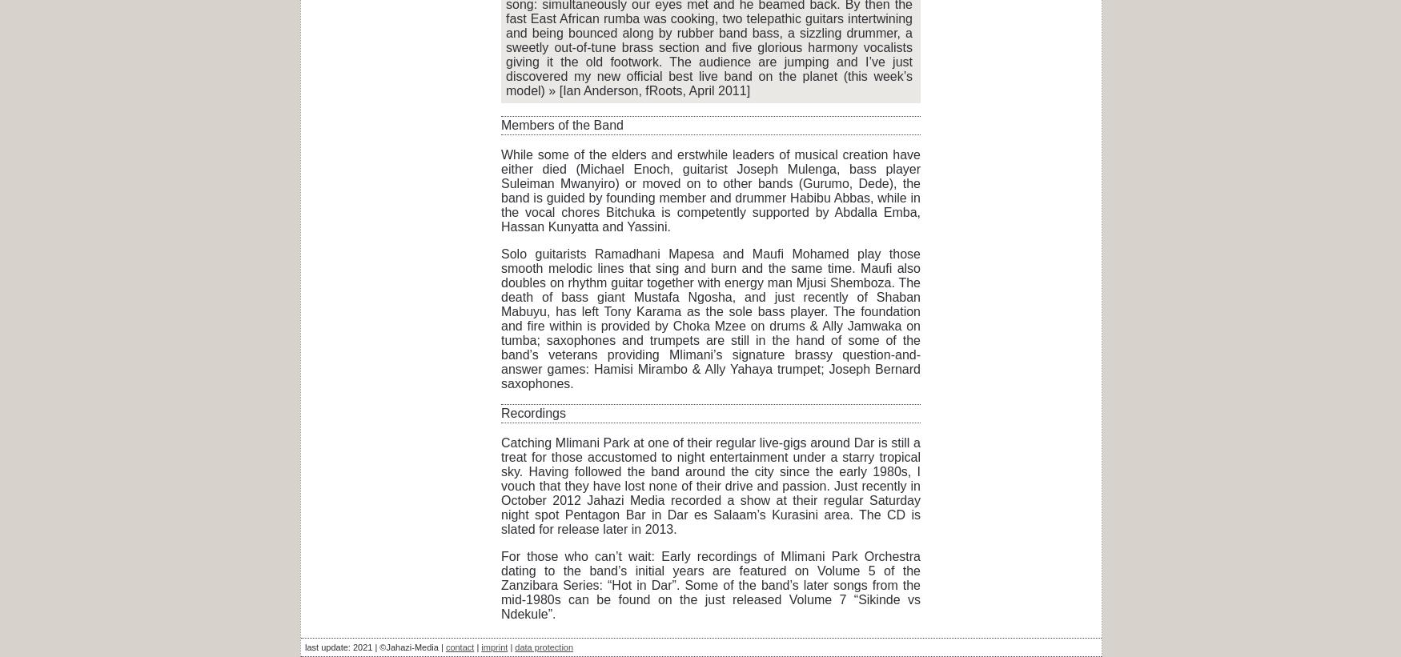 The width and height of the screenshot is (1401, 657). What do you see at coordinates (500, 125) in the screenshot?
I see `'Members of the Band'` at bounding box center [500, 125].